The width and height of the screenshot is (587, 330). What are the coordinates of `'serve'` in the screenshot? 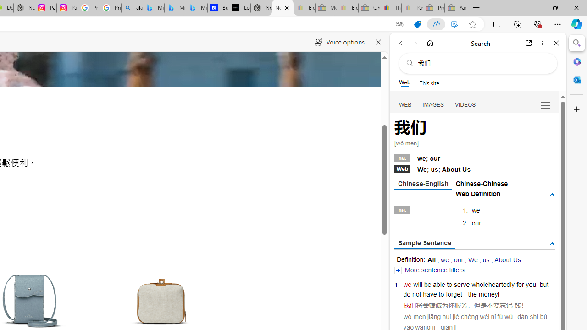 It's located at (462, 284).